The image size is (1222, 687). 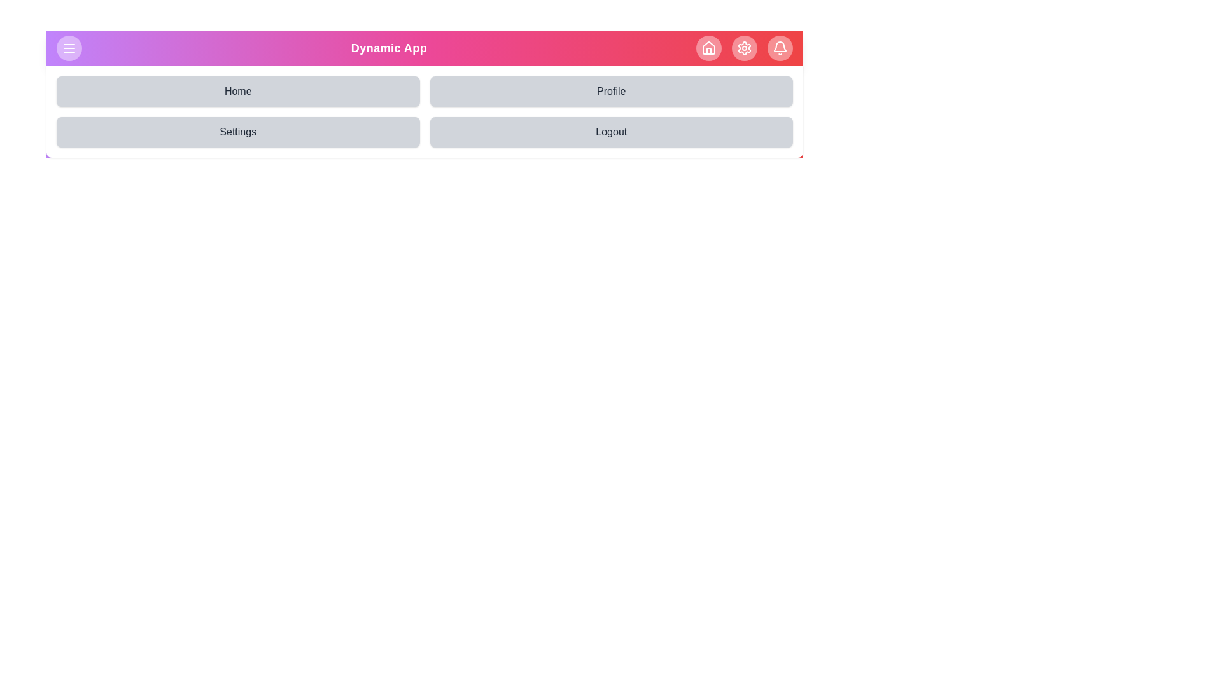 What do you see at coordinates (611, 90) in the screenshot?
I see `the Profile navigation button` at bounding box center [611, 90].